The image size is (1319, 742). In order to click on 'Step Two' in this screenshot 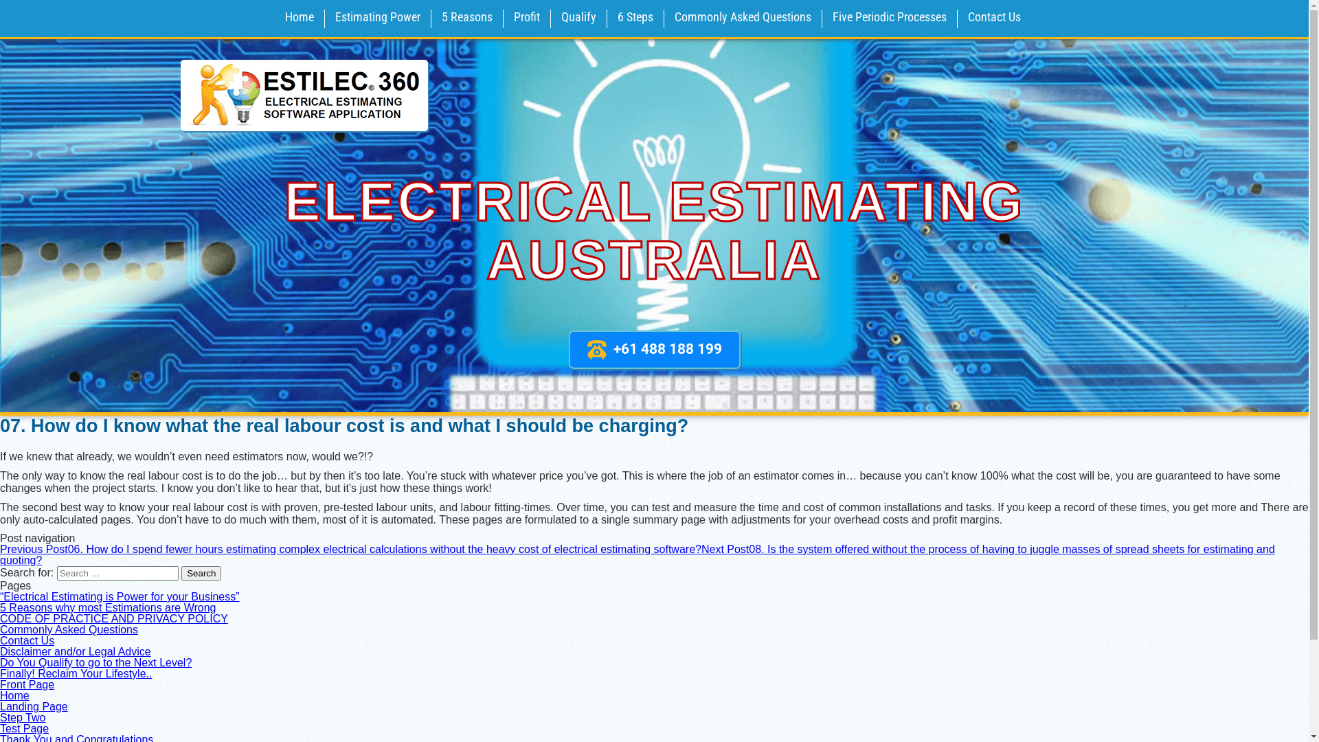, I will do `click(0, 717)`.